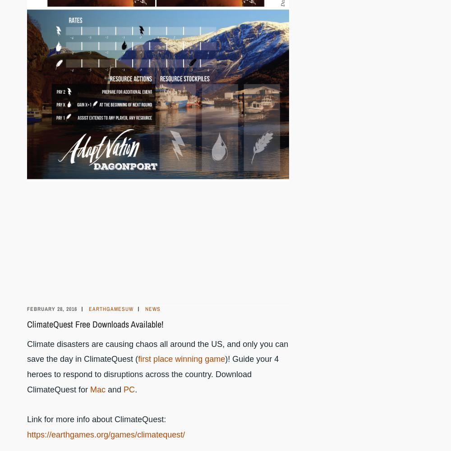 The height and width of the screenshot is (451, 451). I want to click on 'ClimateQuest Free Downloads Available!', so click(27, 323).